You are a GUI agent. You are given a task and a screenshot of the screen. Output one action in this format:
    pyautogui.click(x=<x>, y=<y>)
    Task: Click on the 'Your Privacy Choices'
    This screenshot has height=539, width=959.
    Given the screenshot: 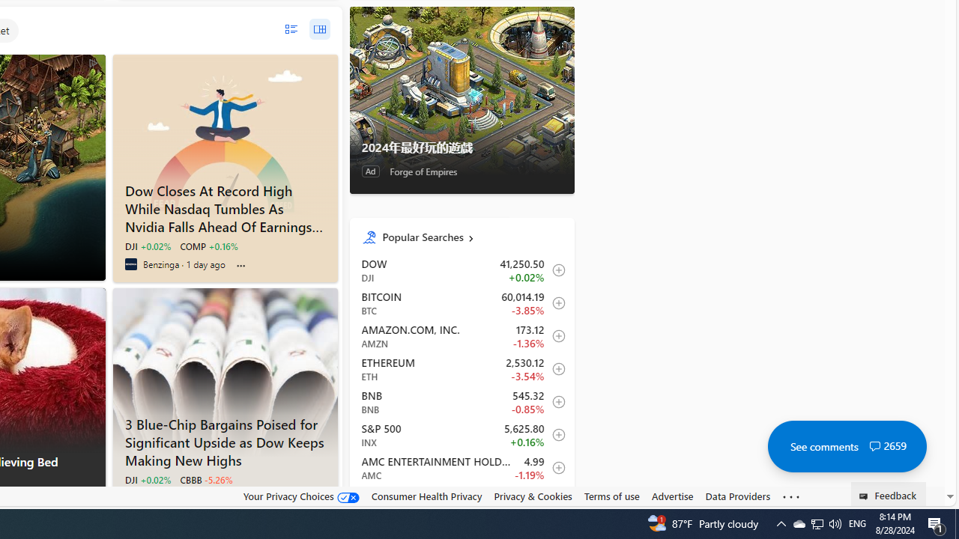 What is the action you would take?
    pyautogui.click(x=300, y=496)
    